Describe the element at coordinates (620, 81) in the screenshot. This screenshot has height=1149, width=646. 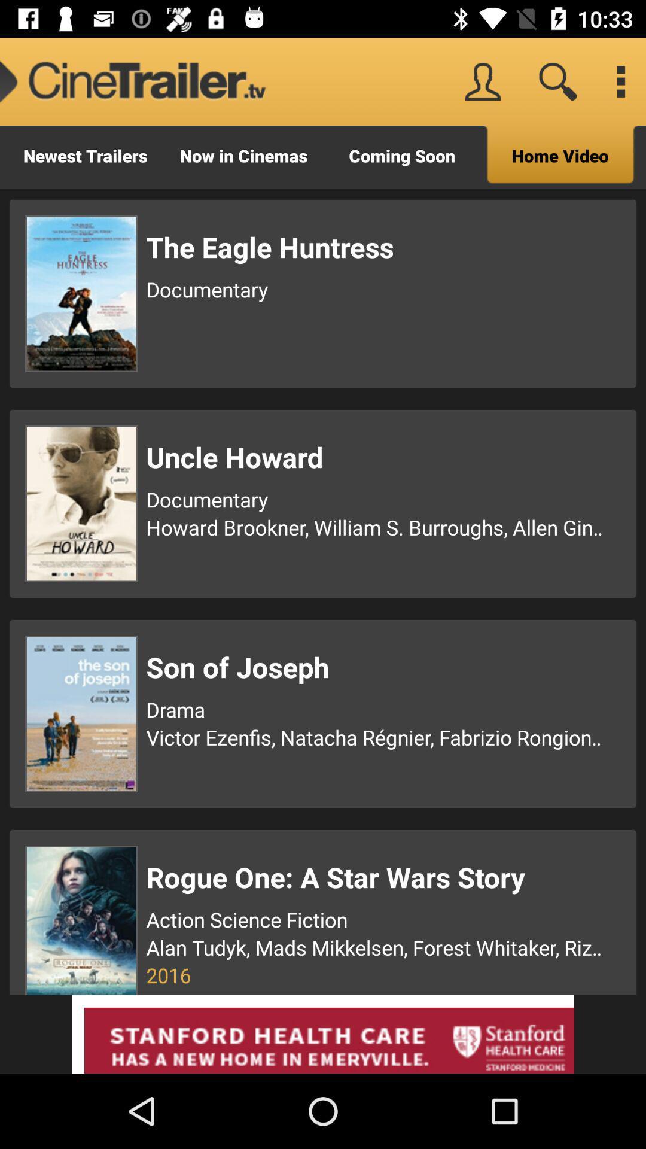
I see `more options` at that location.